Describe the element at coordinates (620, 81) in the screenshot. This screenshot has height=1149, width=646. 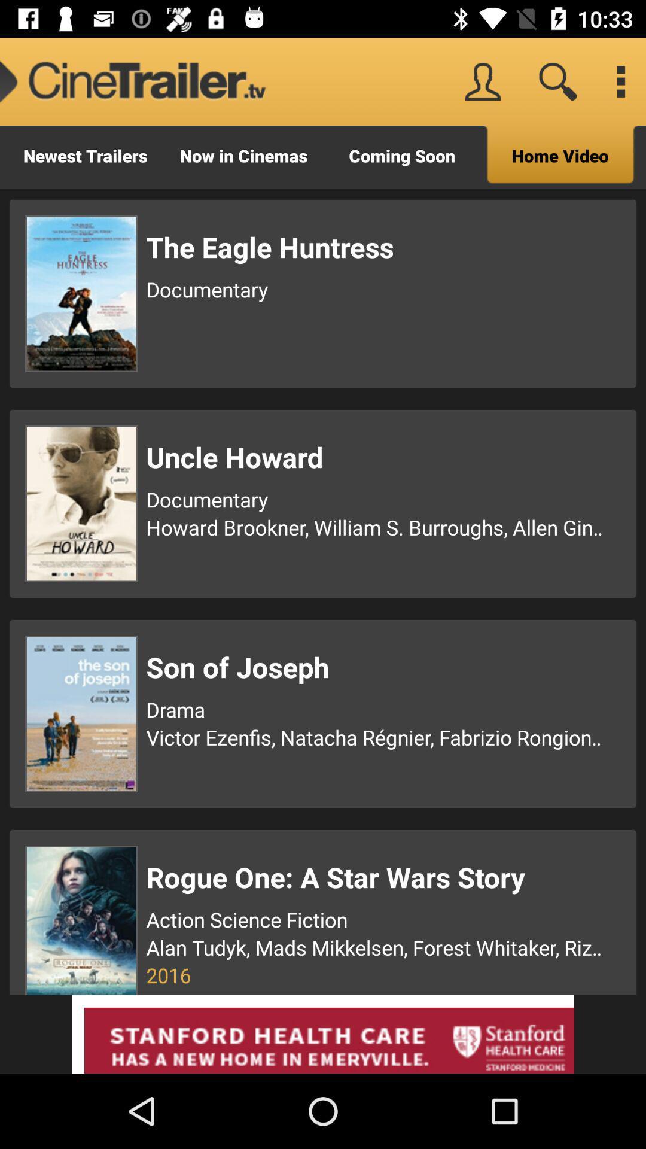
I see `more options` at that location.